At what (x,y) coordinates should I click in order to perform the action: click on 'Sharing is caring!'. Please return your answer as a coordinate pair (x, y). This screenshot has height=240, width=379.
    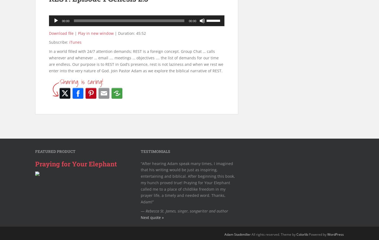
    Looking at the image, I should click on (60, 81).